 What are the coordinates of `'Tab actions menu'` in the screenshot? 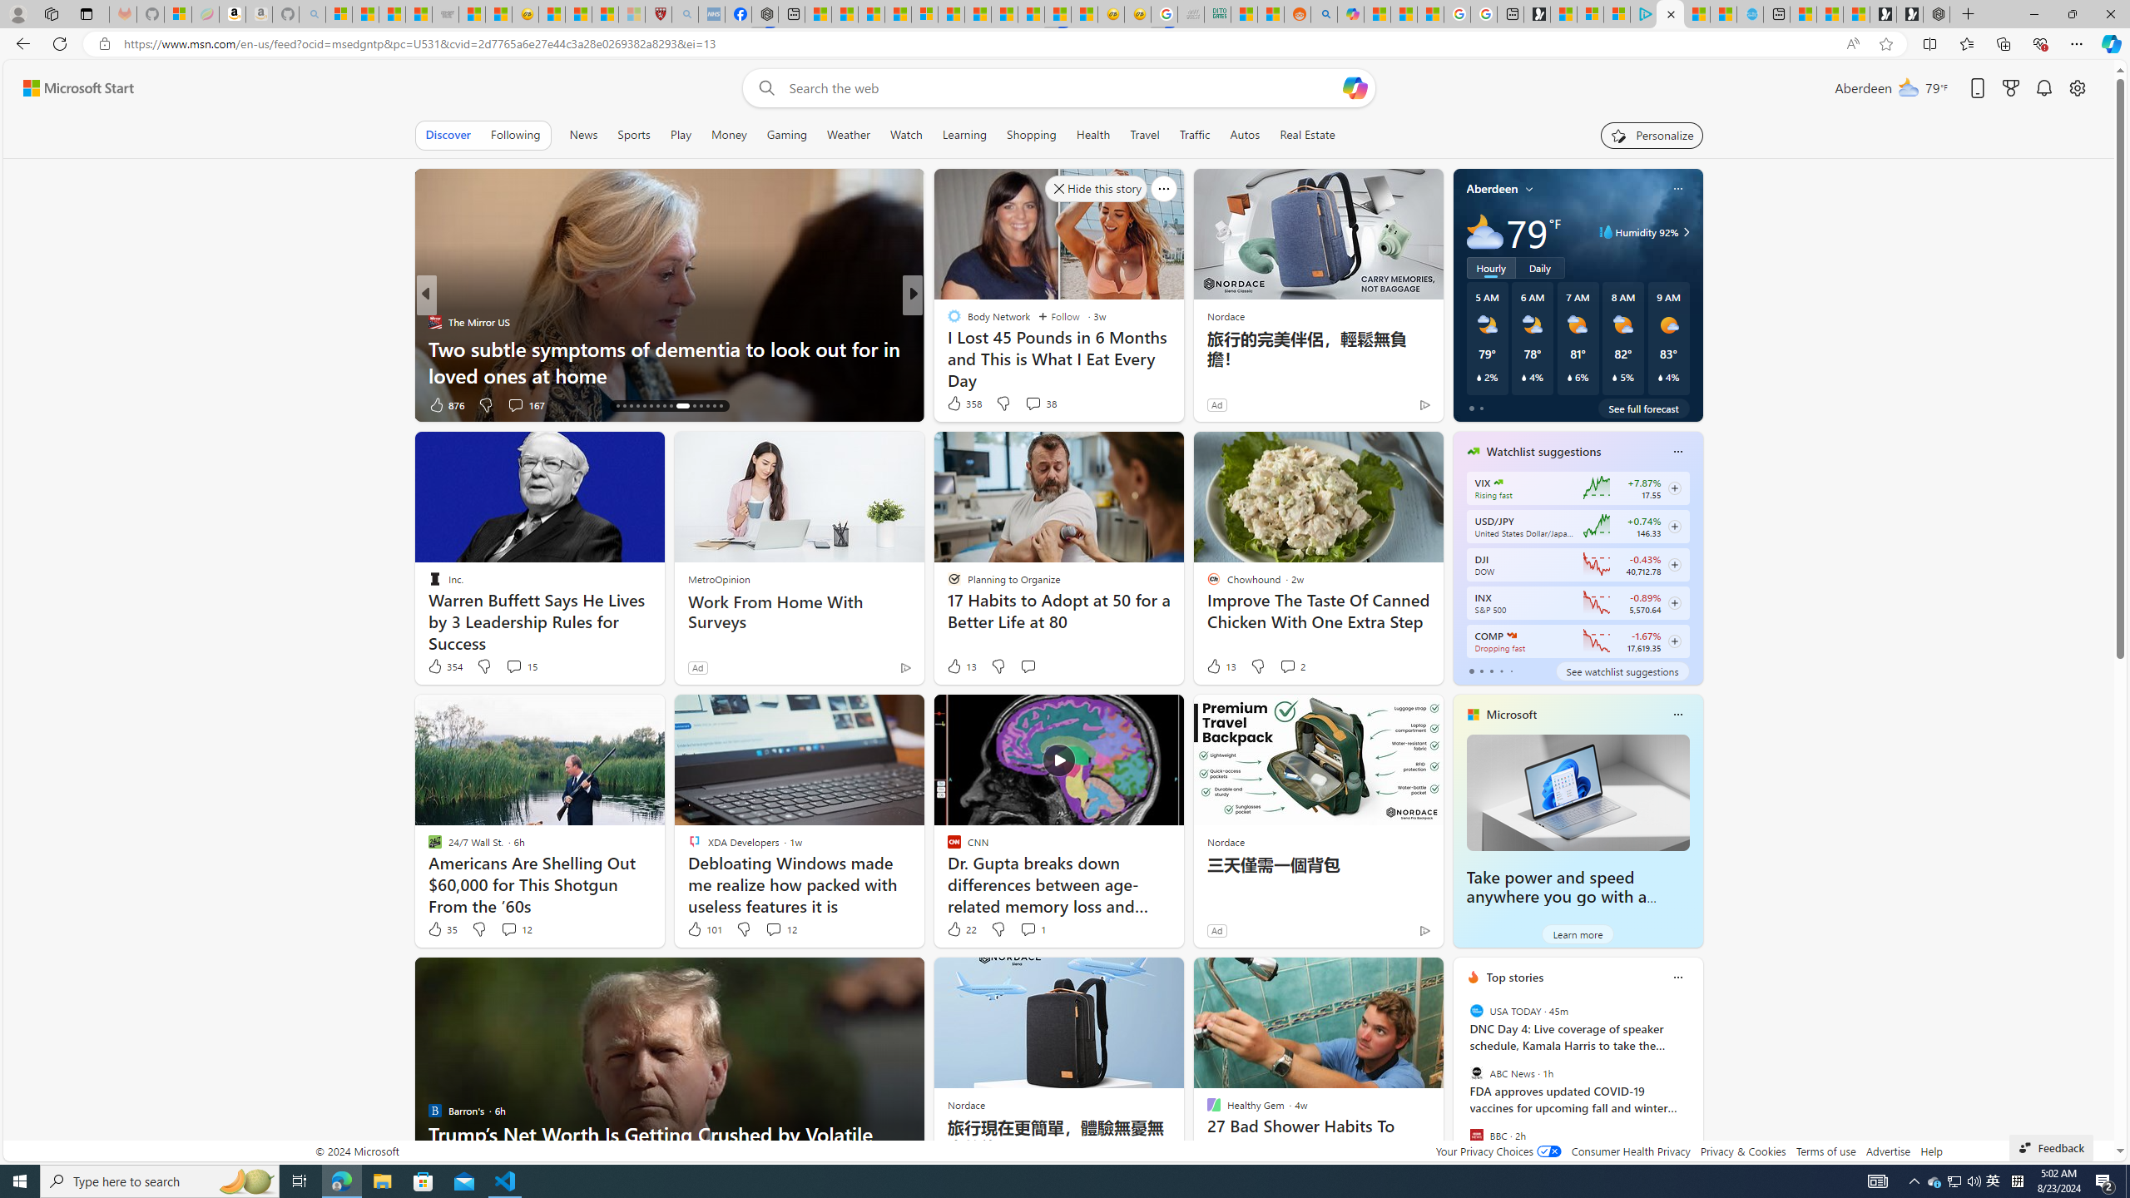 It's located at (85, 13).